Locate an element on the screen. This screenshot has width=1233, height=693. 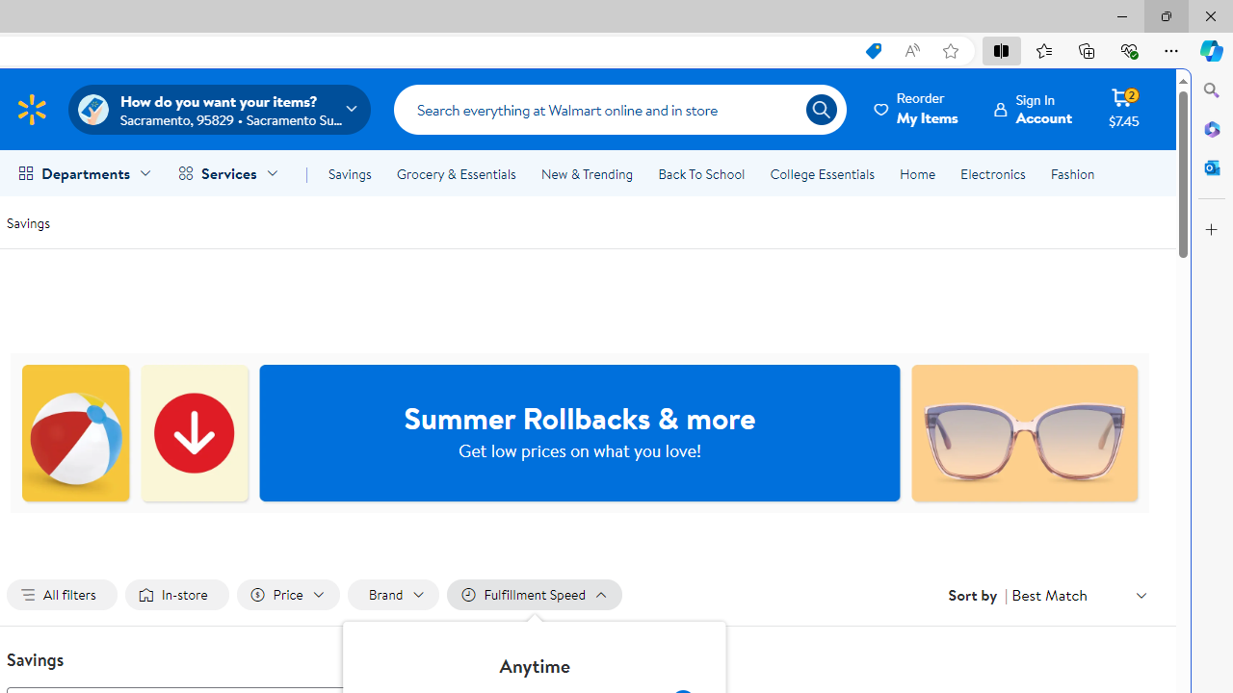
'Fashion' is located at coordinates (1071, 174).